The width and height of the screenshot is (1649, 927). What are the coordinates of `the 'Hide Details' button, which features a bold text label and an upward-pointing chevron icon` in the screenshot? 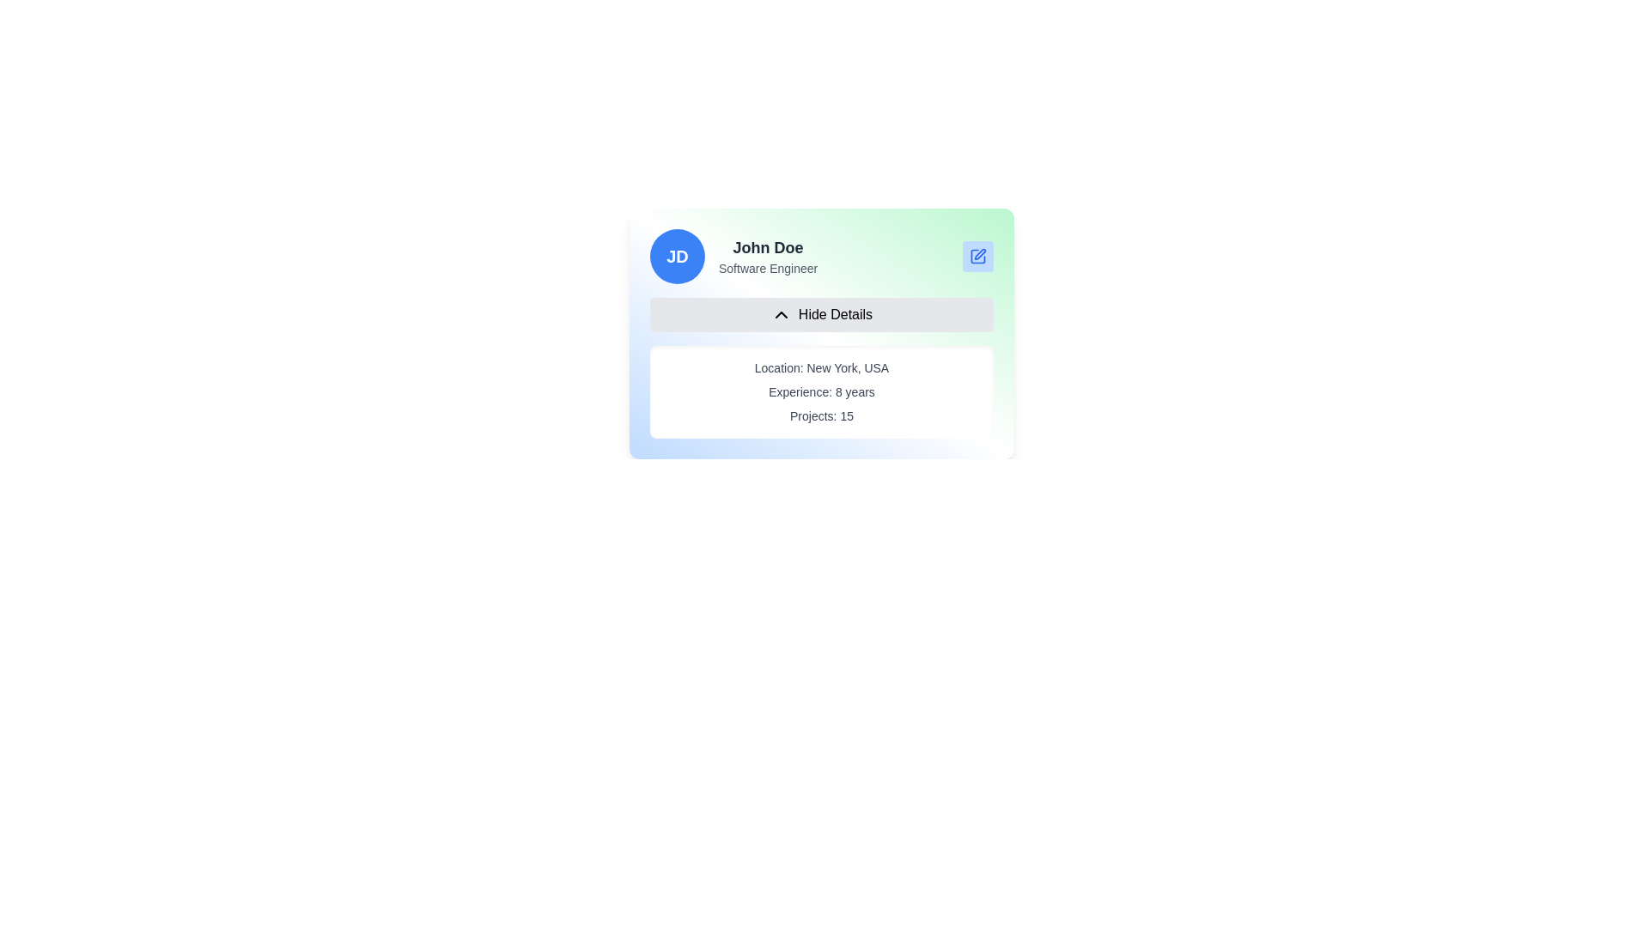 It's located at (836, 314).